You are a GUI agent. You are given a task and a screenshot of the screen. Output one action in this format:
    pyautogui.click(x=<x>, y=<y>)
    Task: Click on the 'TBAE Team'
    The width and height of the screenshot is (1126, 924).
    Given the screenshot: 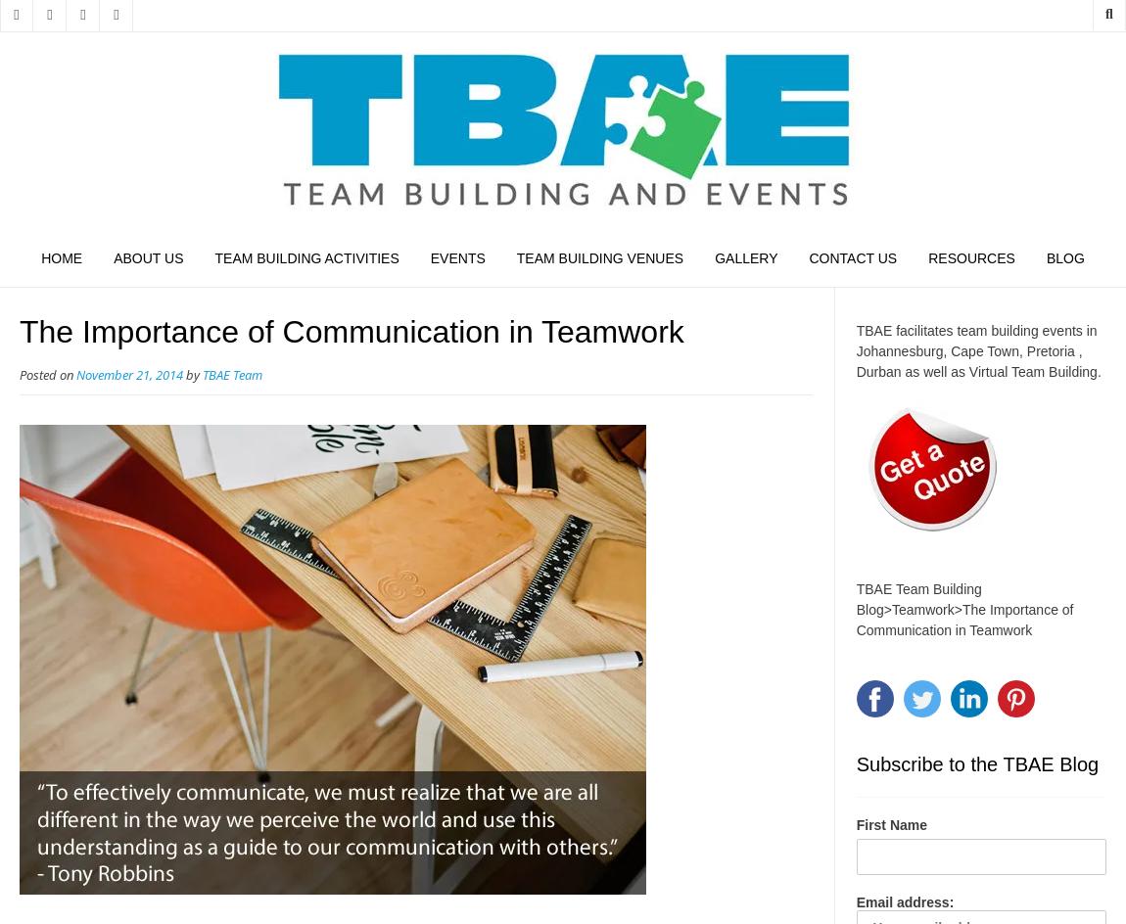 What is the action you would take?
    pyautogui.click(x=231, y=374)
    